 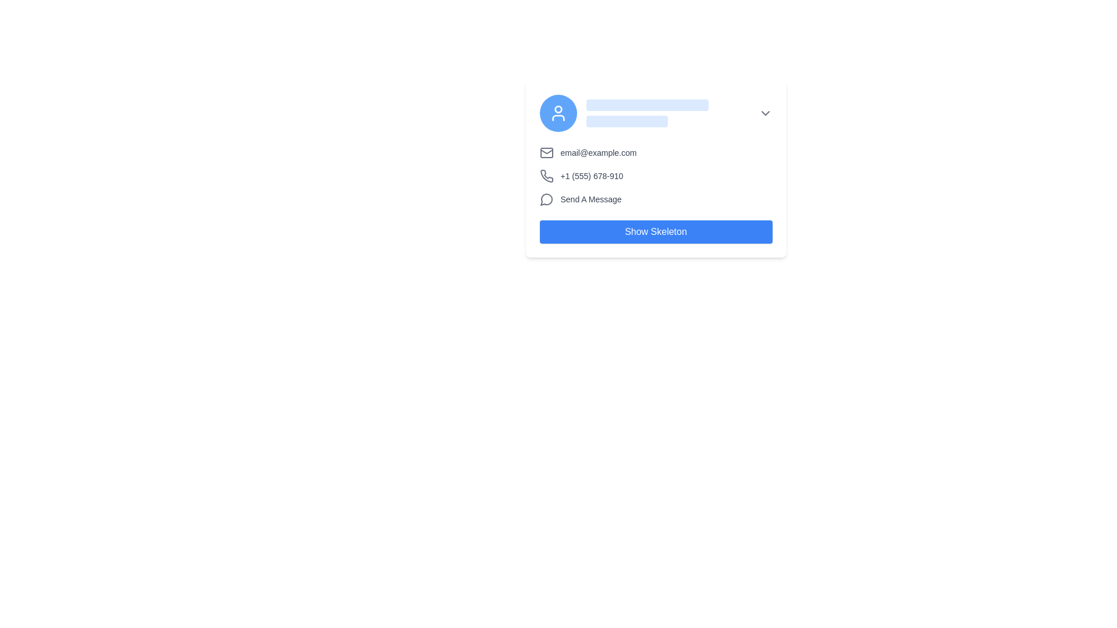 What do you see at coordinates (546, 176) in the screenshot?
I see `the phone icon that indicates telecommunication details, which is positioned to the left of the phone number text in a contact detail section` at bounding box center [546, 176].